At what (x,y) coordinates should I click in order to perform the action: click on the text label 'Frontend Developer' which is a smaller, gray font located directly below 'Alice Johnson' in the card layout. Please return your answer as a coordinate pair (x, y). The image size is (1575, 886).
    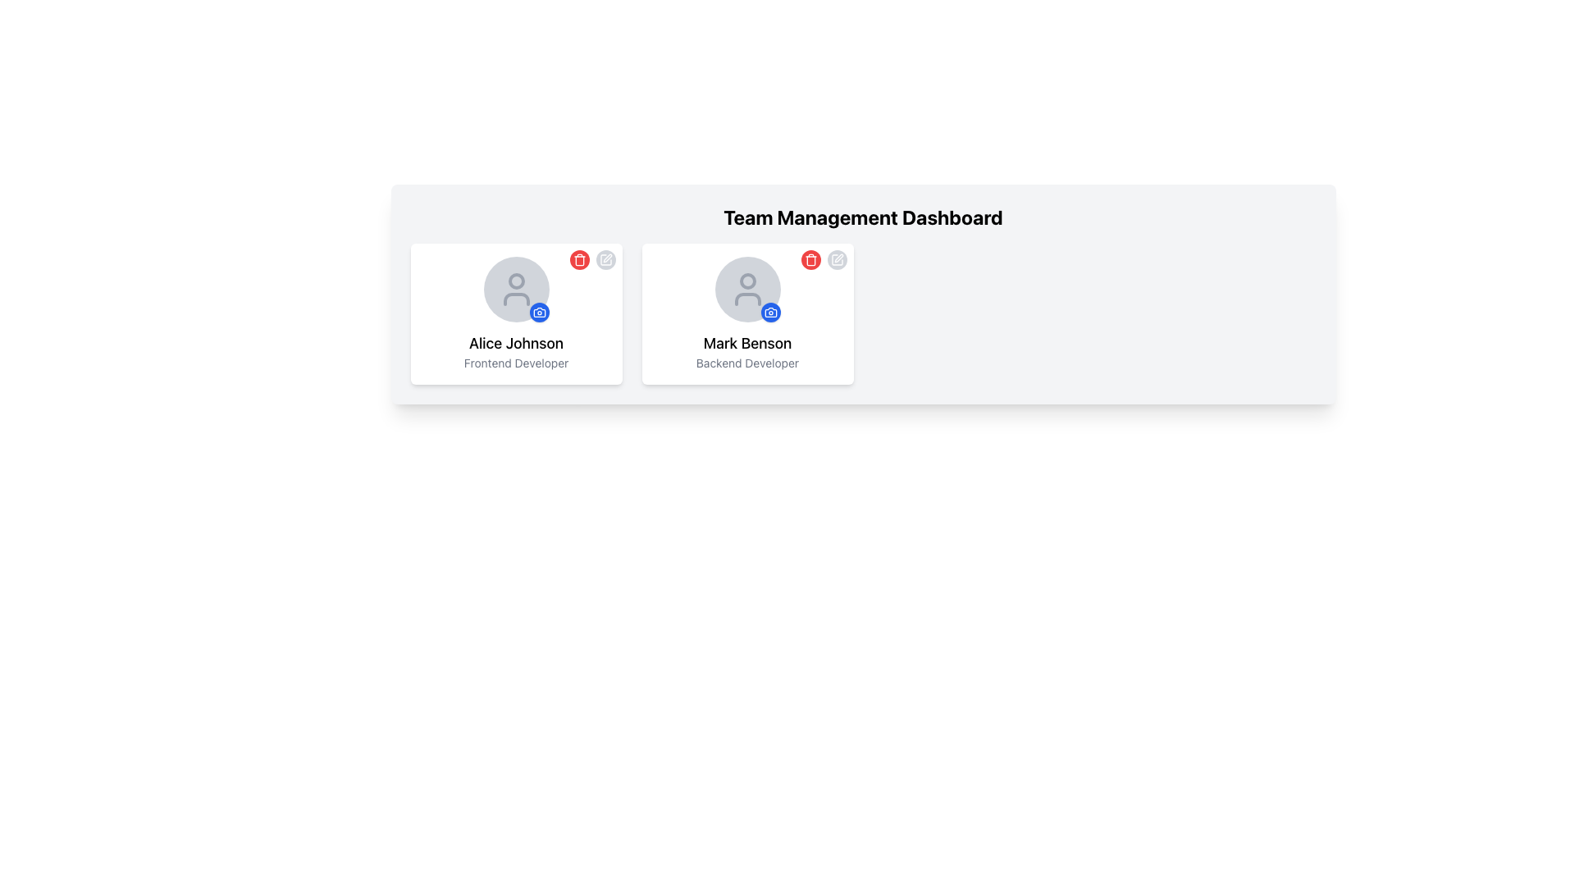
    Looking at the image, I should click on (515, 363).